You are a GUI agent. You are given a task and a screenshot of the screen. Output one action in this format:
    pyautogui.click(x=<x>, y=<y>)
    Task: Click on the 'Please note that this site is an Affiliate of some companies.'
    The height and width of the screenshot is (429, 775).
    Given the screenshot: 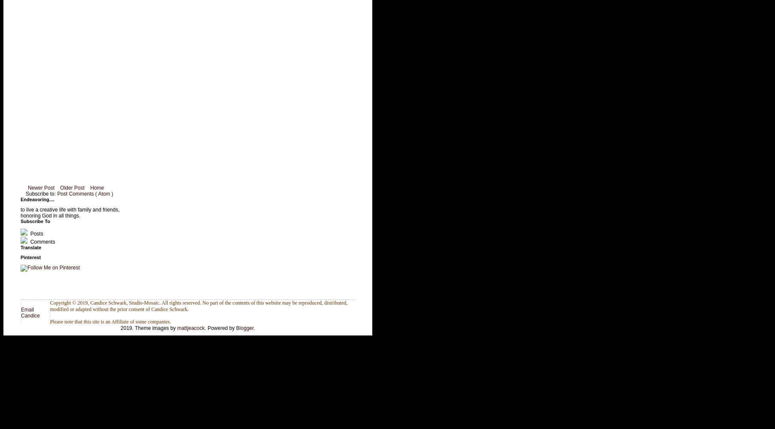 What is the action you would take?
    pyautogui.click(x=109, y=322)
    